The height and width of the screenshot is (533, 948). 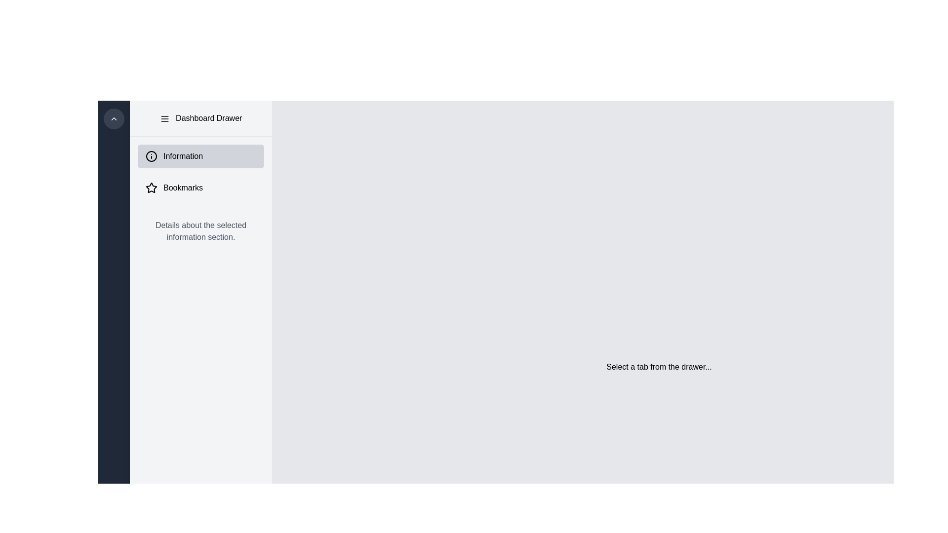 What do you see at coordinates (151, 155) in the screenshot?
I see `the circular graphical vector element within the 'Information' tab's icon section in the sidebar menu` at bounding box center [151, 155].